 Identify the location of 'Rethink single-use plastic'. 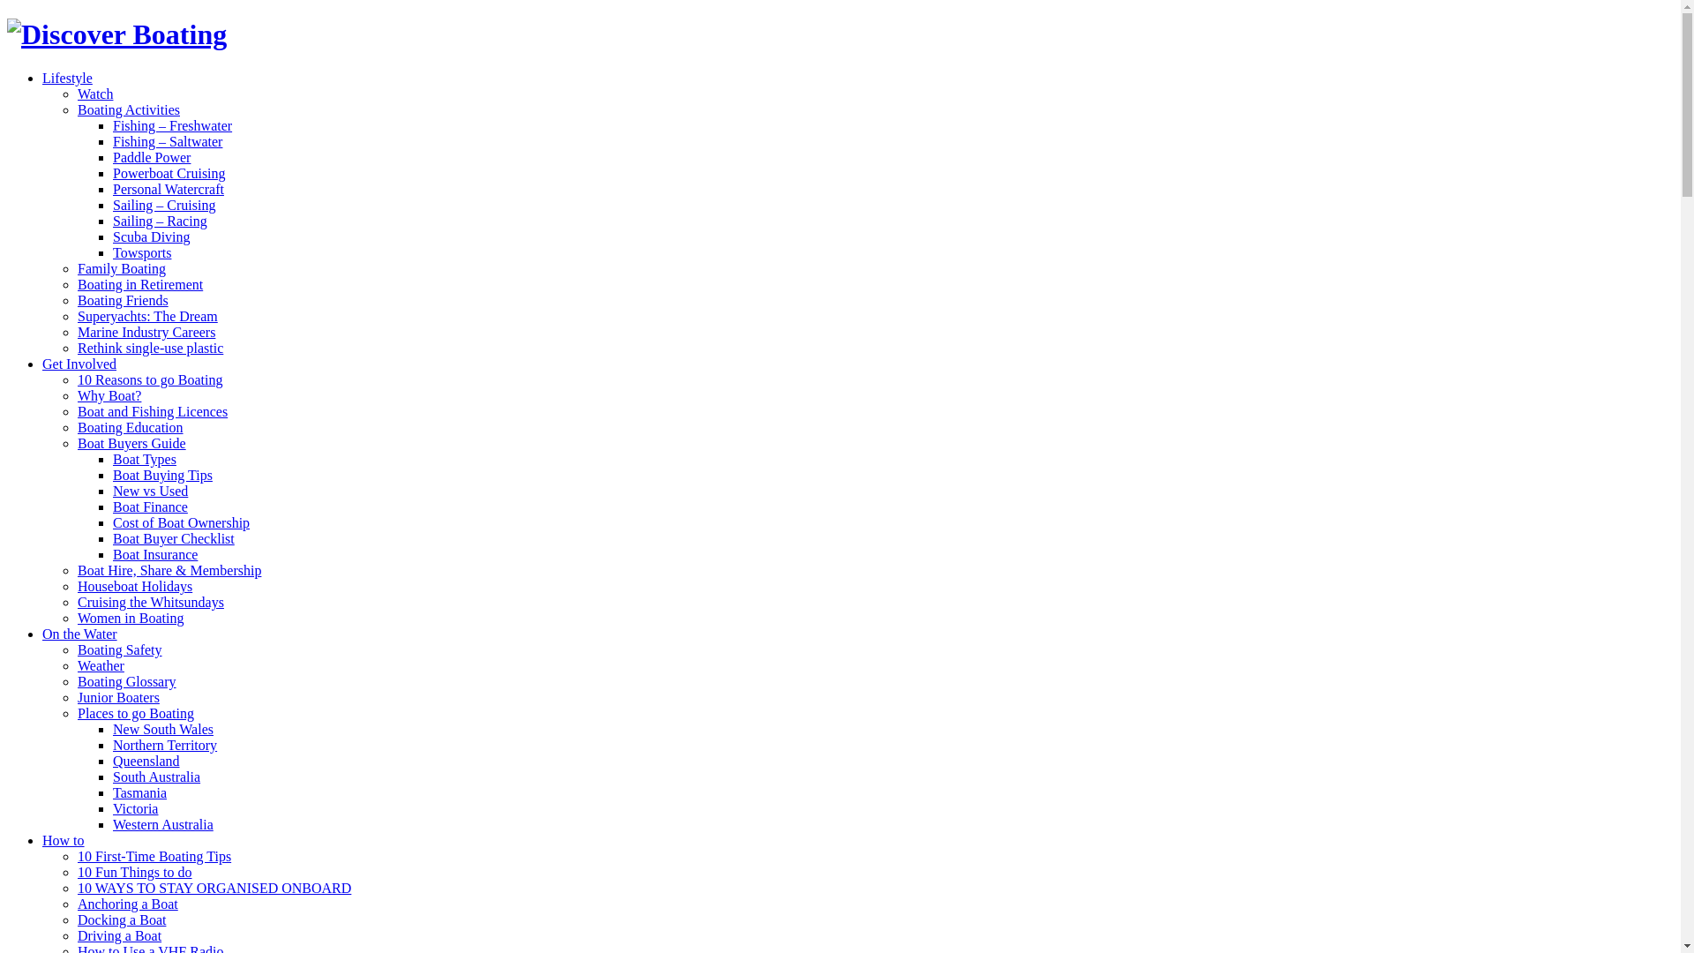
(150, 348).